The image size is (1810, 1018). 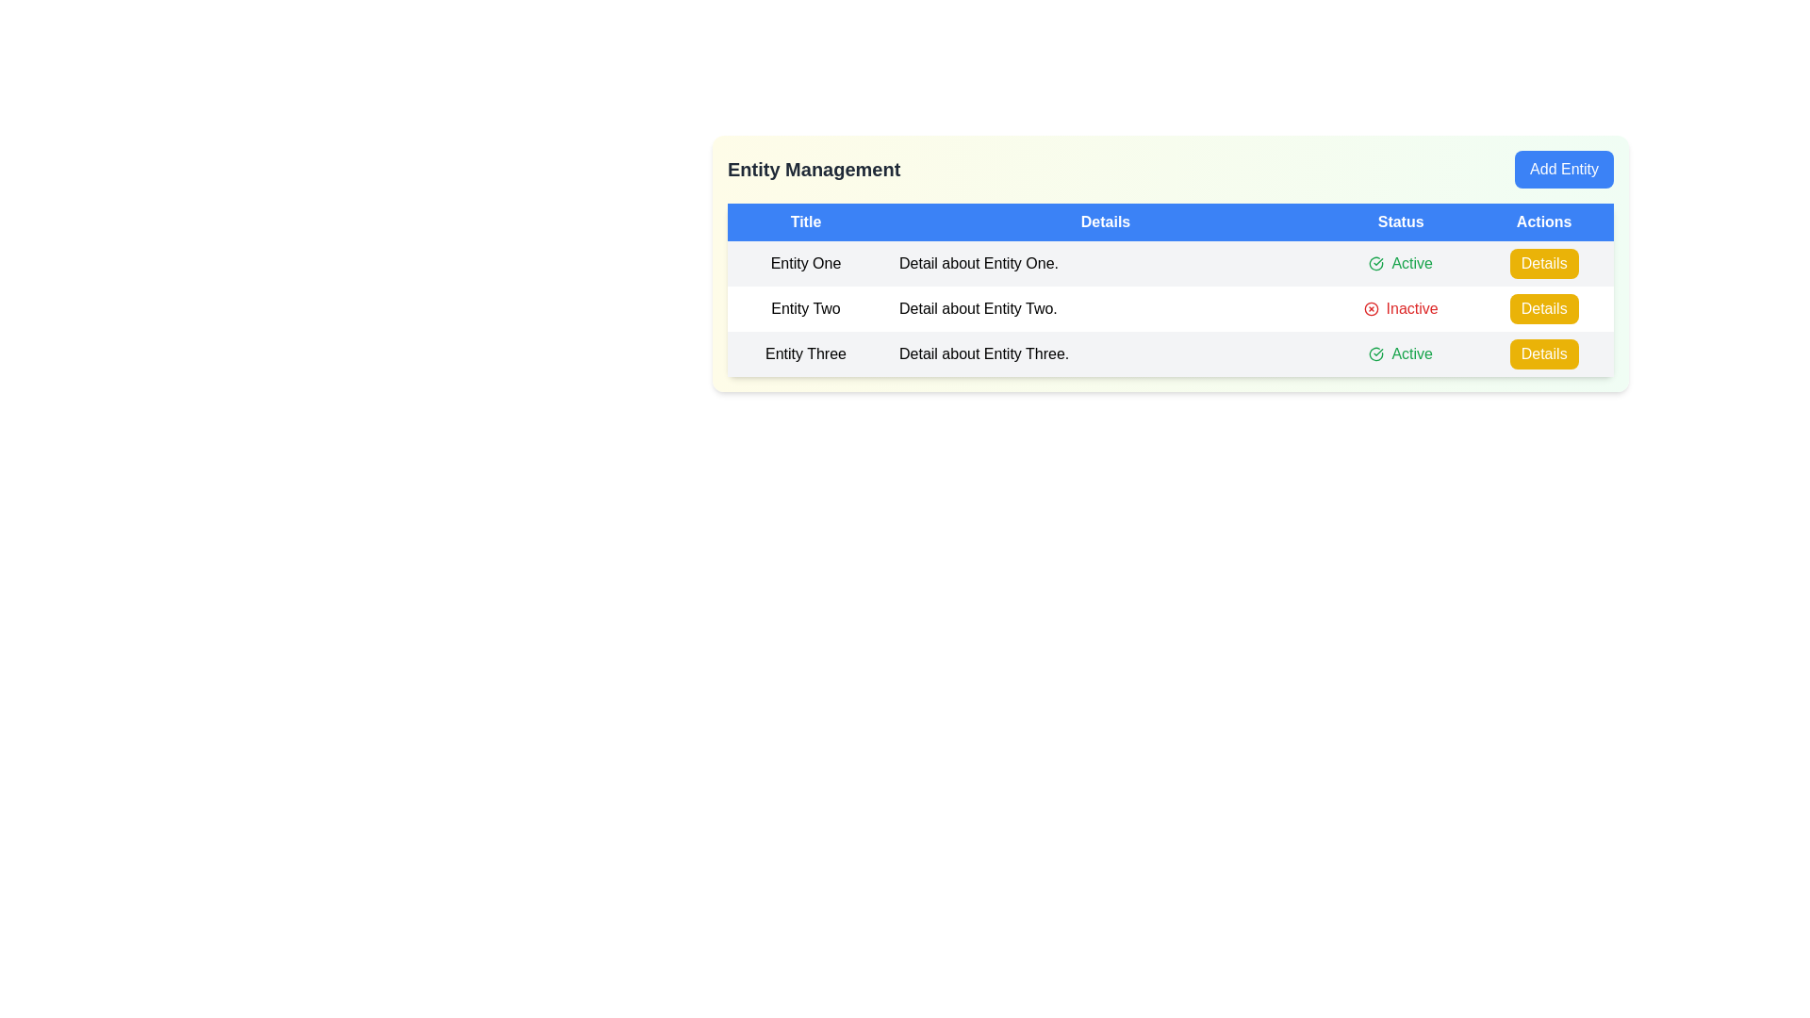 I want to click on the text block displaying 'Entity One' in black font, which is located in the first column of a table row, so click(x=805, y=264).